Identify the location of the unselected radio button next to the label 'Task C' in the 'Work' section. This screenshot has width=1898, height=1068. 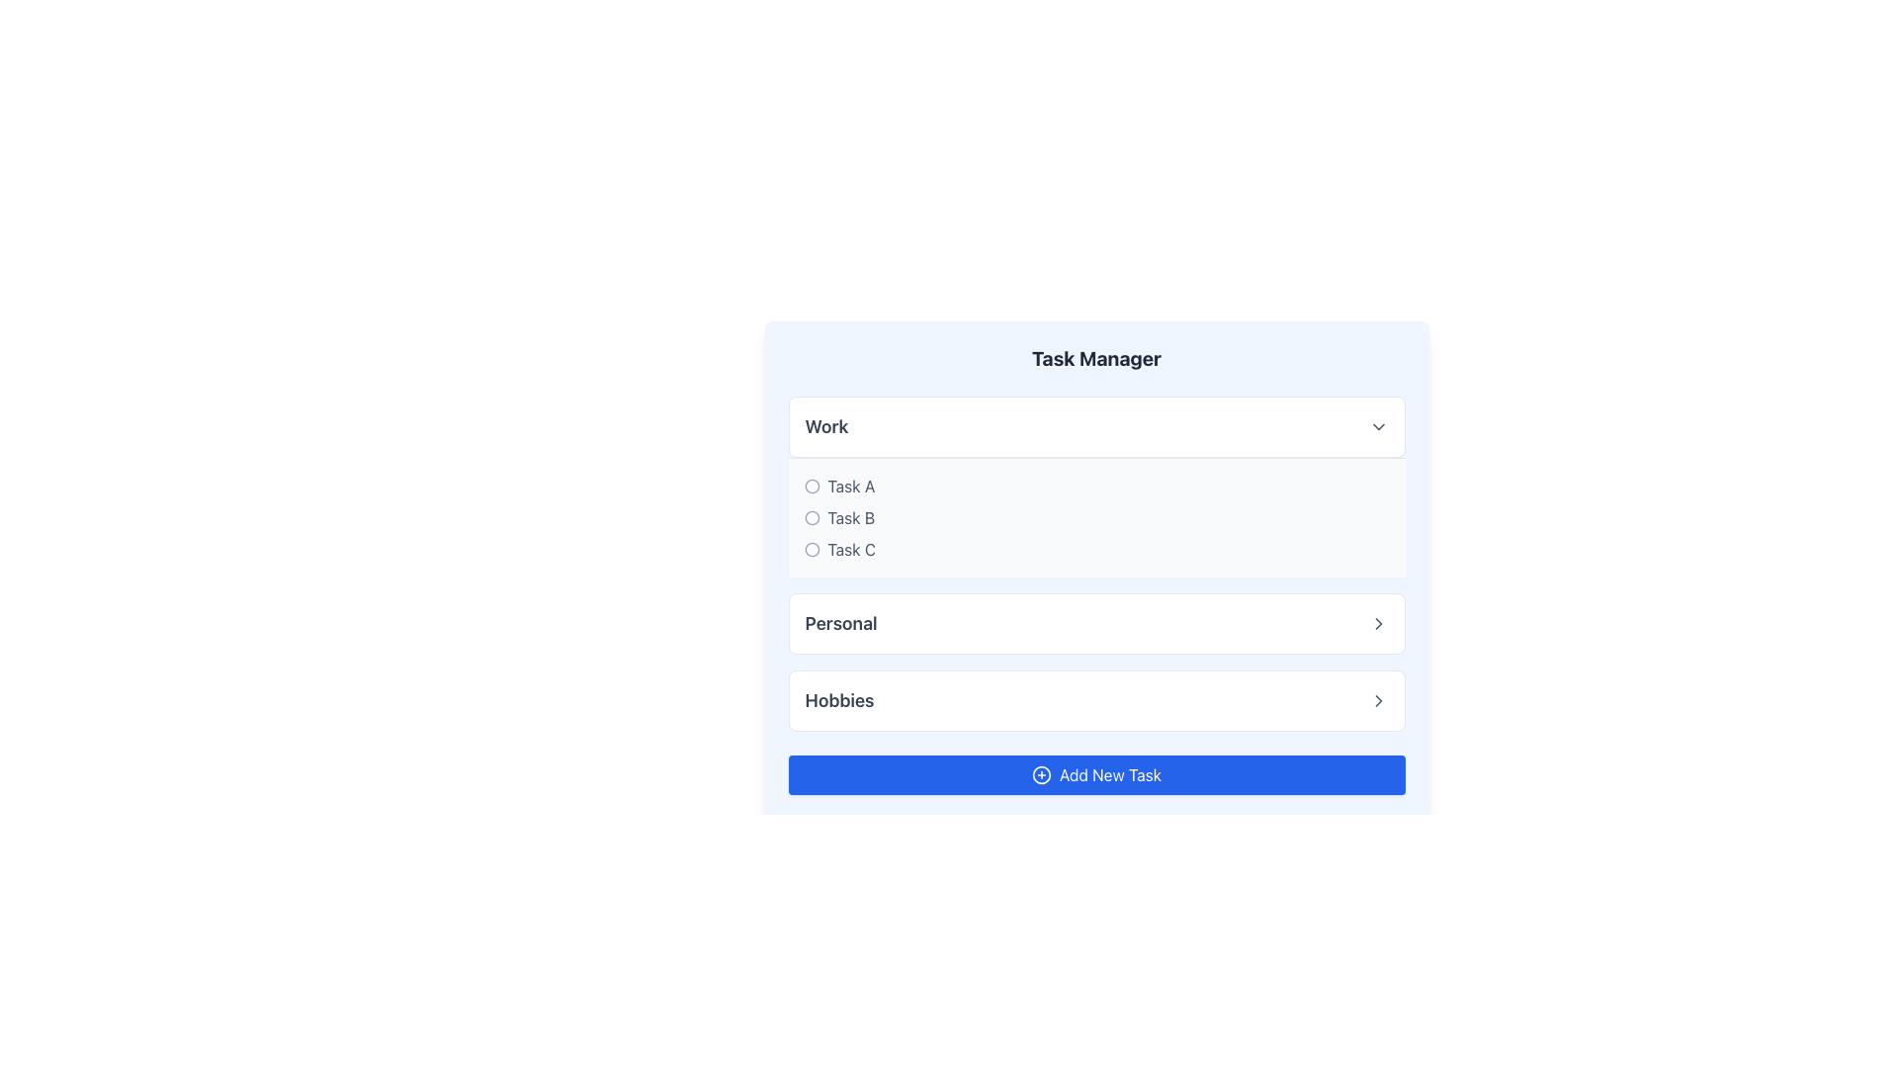
(812, 549).